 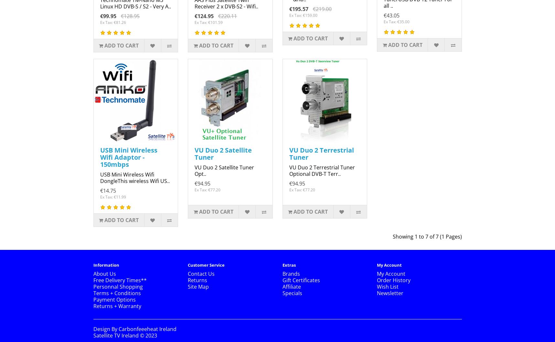 I want to click on 'Gift Certificates', so click(x=282, y=280).